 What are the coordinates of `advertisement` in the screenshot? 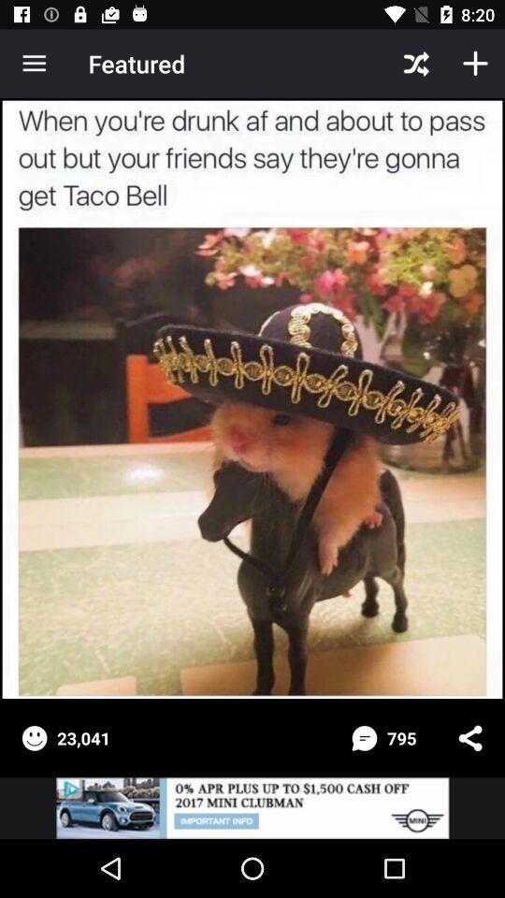 It's located at (252, 807).